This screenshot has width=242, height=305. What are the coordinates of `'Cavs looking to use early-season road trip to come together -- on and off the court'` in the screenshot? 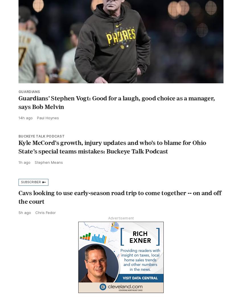 It's located at (120, 209).